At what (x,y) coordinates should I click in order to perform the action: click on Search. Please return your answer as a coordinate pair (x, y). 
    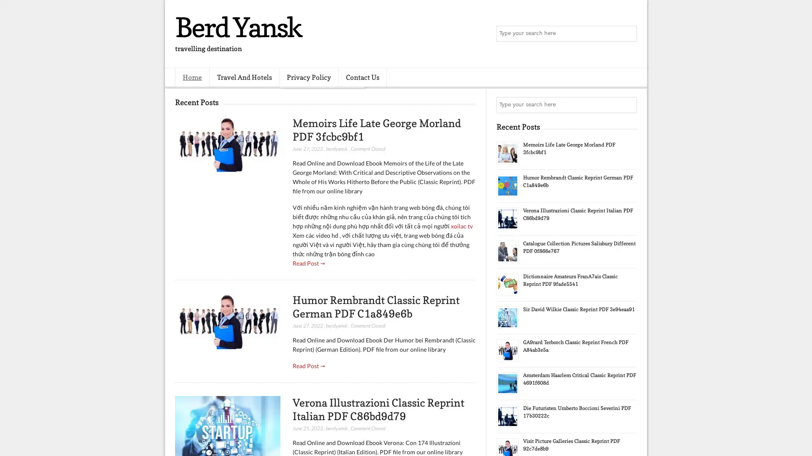
    Looking at the image, I should click on (628, 34).